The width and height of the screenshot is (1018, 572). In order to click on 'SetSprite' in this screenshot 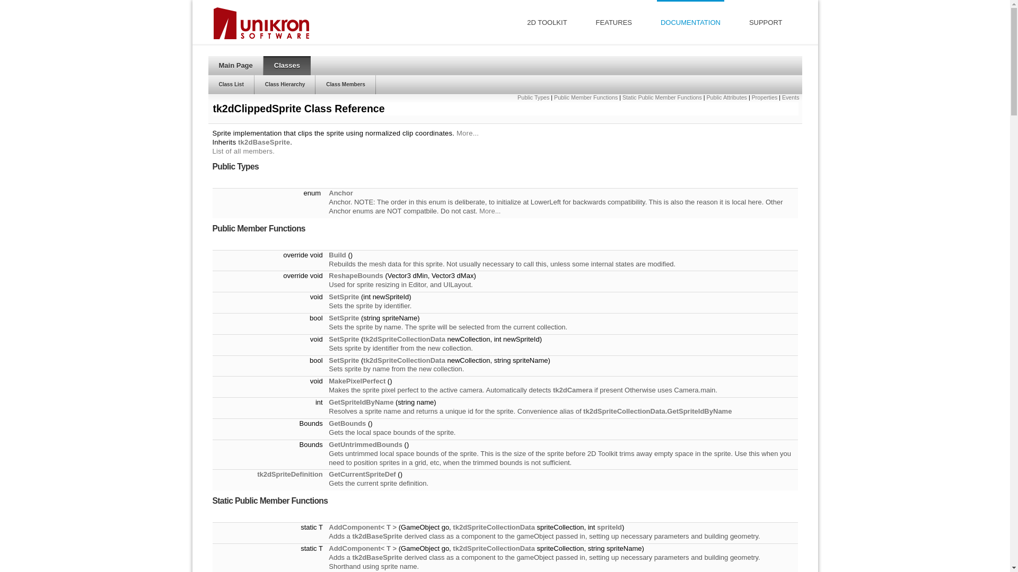, I will do `click(344, 317)`.